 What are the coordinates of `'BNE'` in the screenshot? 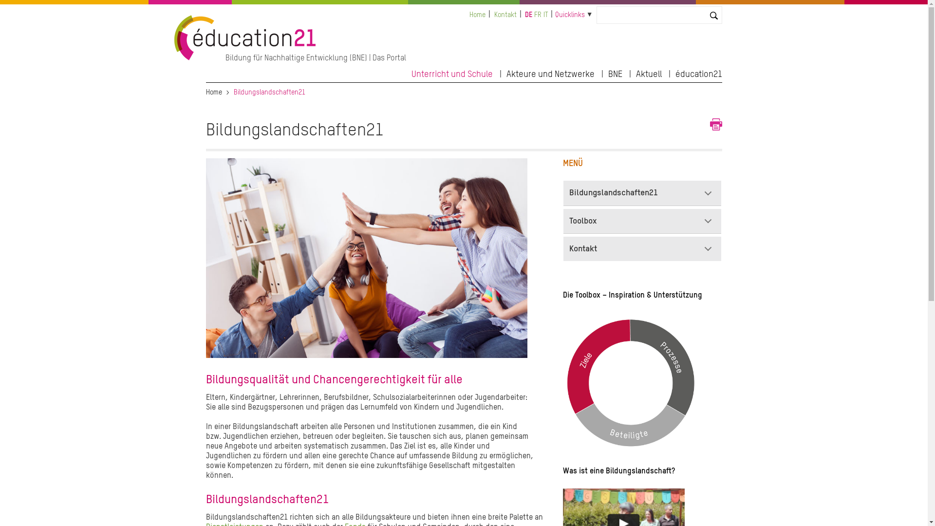 It's located at (614, 72).